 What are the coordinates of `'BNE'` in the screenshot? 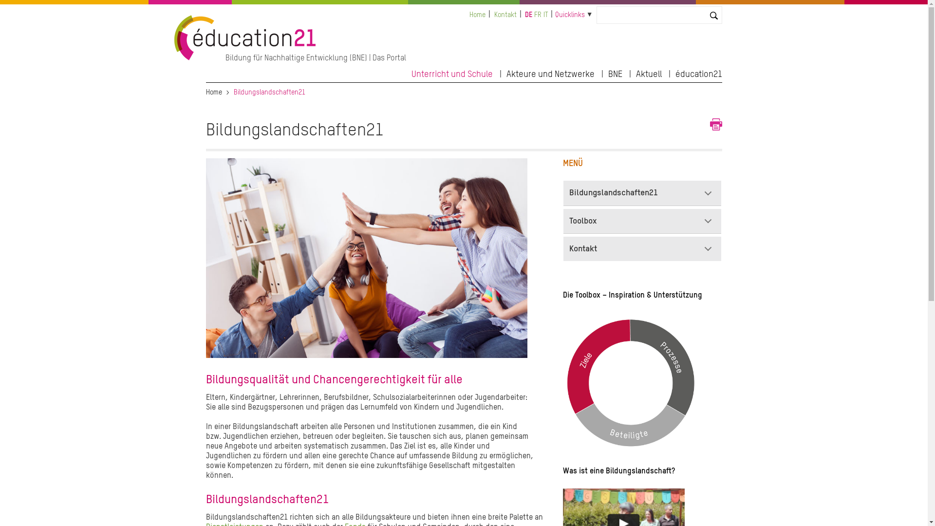 It's located at (614, 72).